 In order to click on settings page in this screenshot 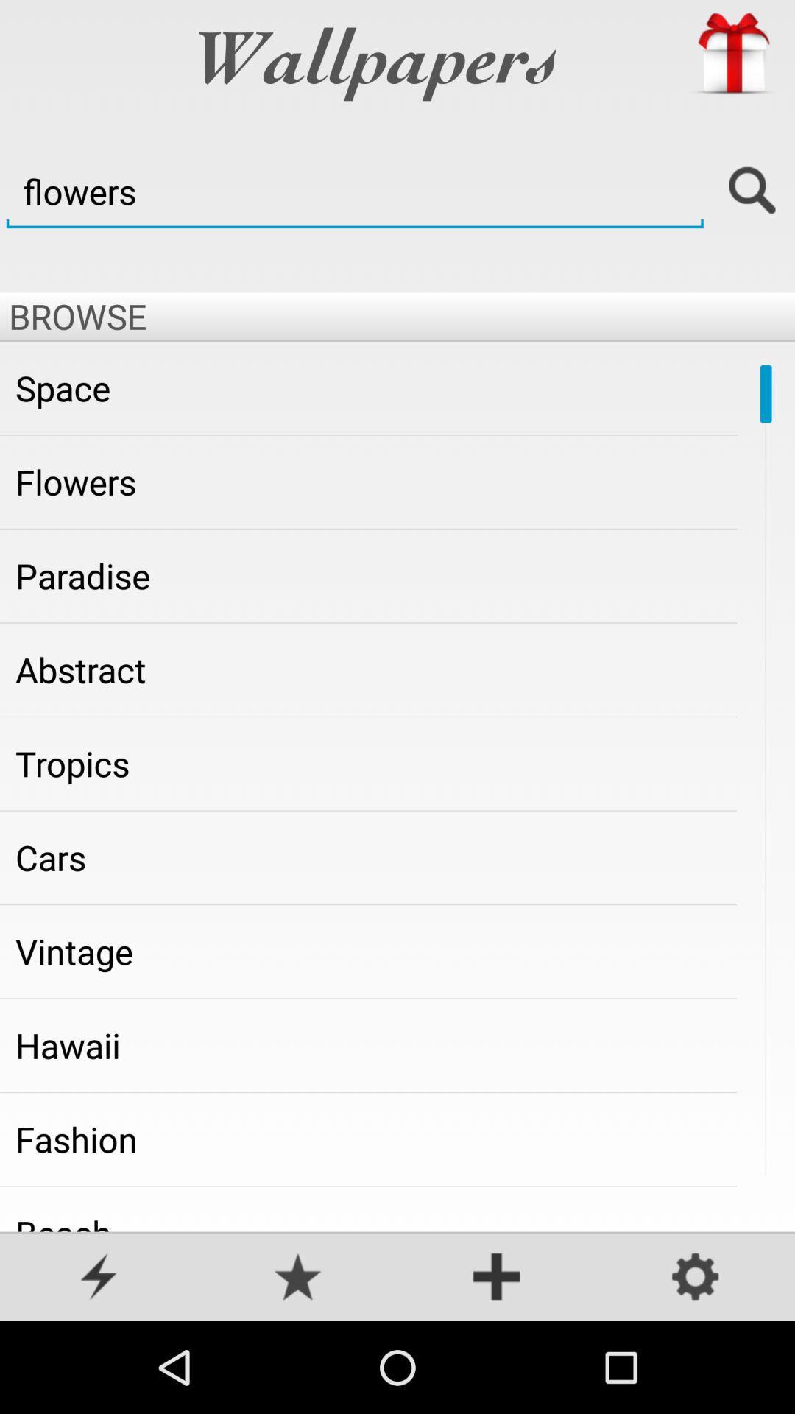, I will do `click(696, 1278)`.